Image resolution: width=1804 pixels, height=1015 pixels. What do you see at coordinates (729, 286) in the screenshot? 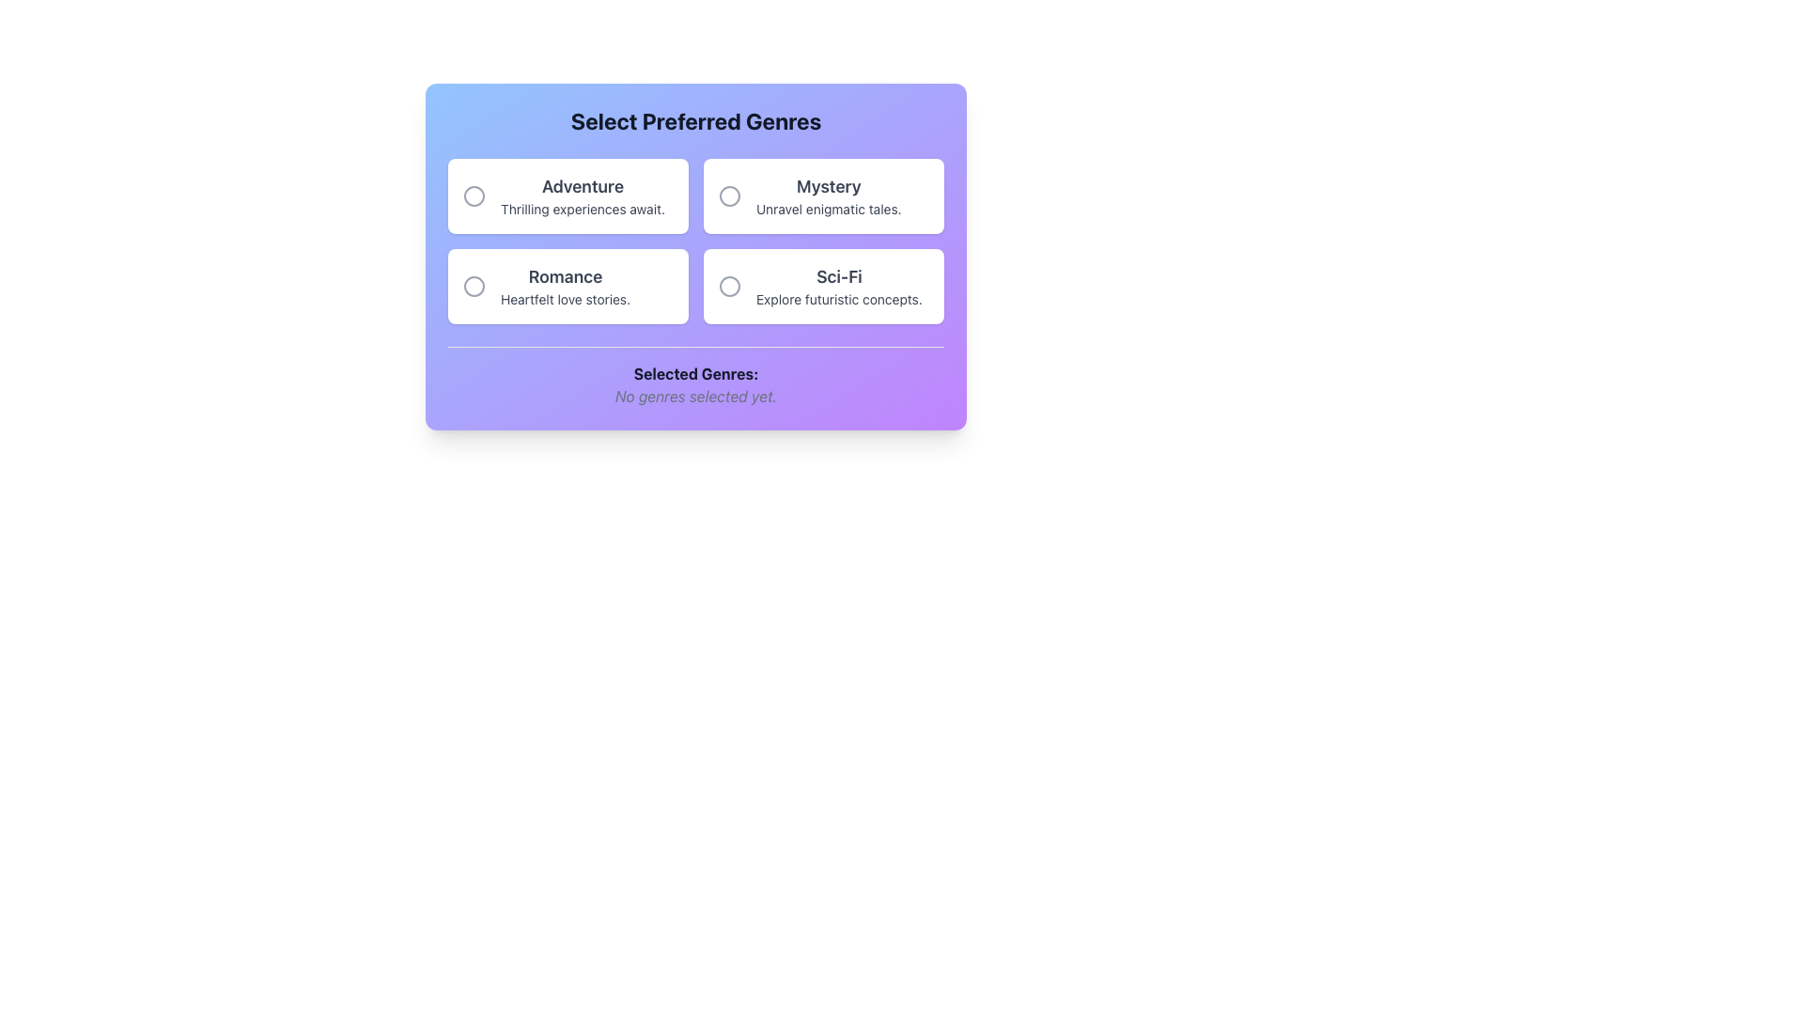
I see `the circular icon within the radio button for the 'Sci-Fi' category` at bounding box center [729, 286].